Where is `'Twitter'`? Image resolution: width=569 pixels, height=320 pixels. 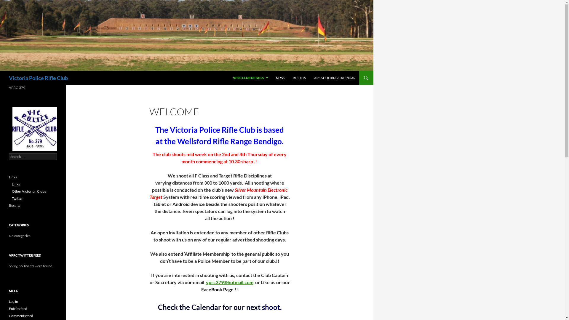 'Twitter' is located at coordinates (17, 198).